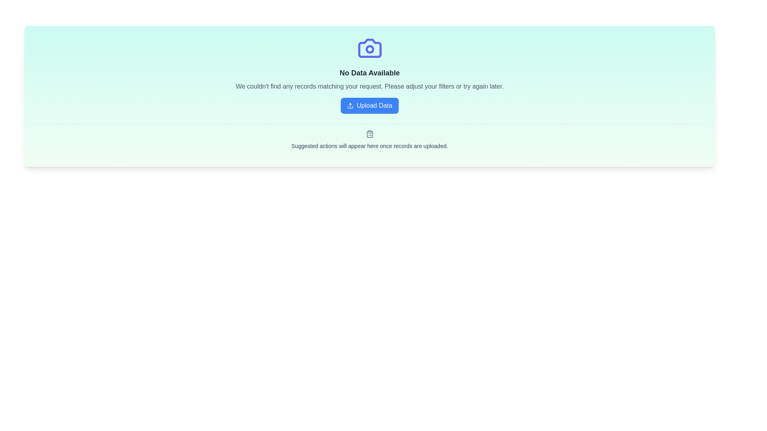 This screenshot has width=767, height=431. What do you see at coordinates (350, 105) in the screenshot?
I see `the upward arrow icon within the blue button labeled 'Upload Data', which is situated to the left of the button's text` at bounding box center [350, 105].